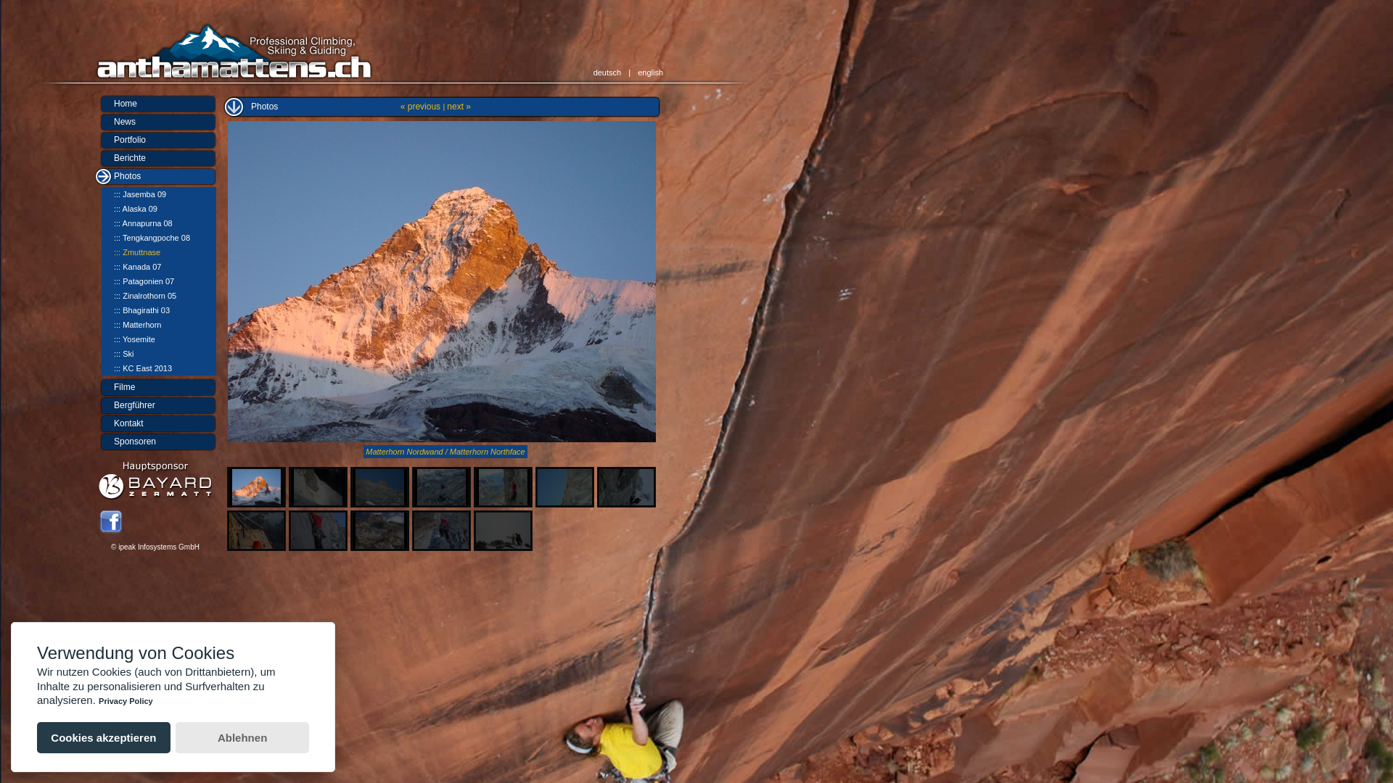 Image resolution: width=1393 pixels, height=783 pixels. Describe the element at coordinates (127, 251) in the screenshot. I see `'::: Zmuttnase'` at that location.